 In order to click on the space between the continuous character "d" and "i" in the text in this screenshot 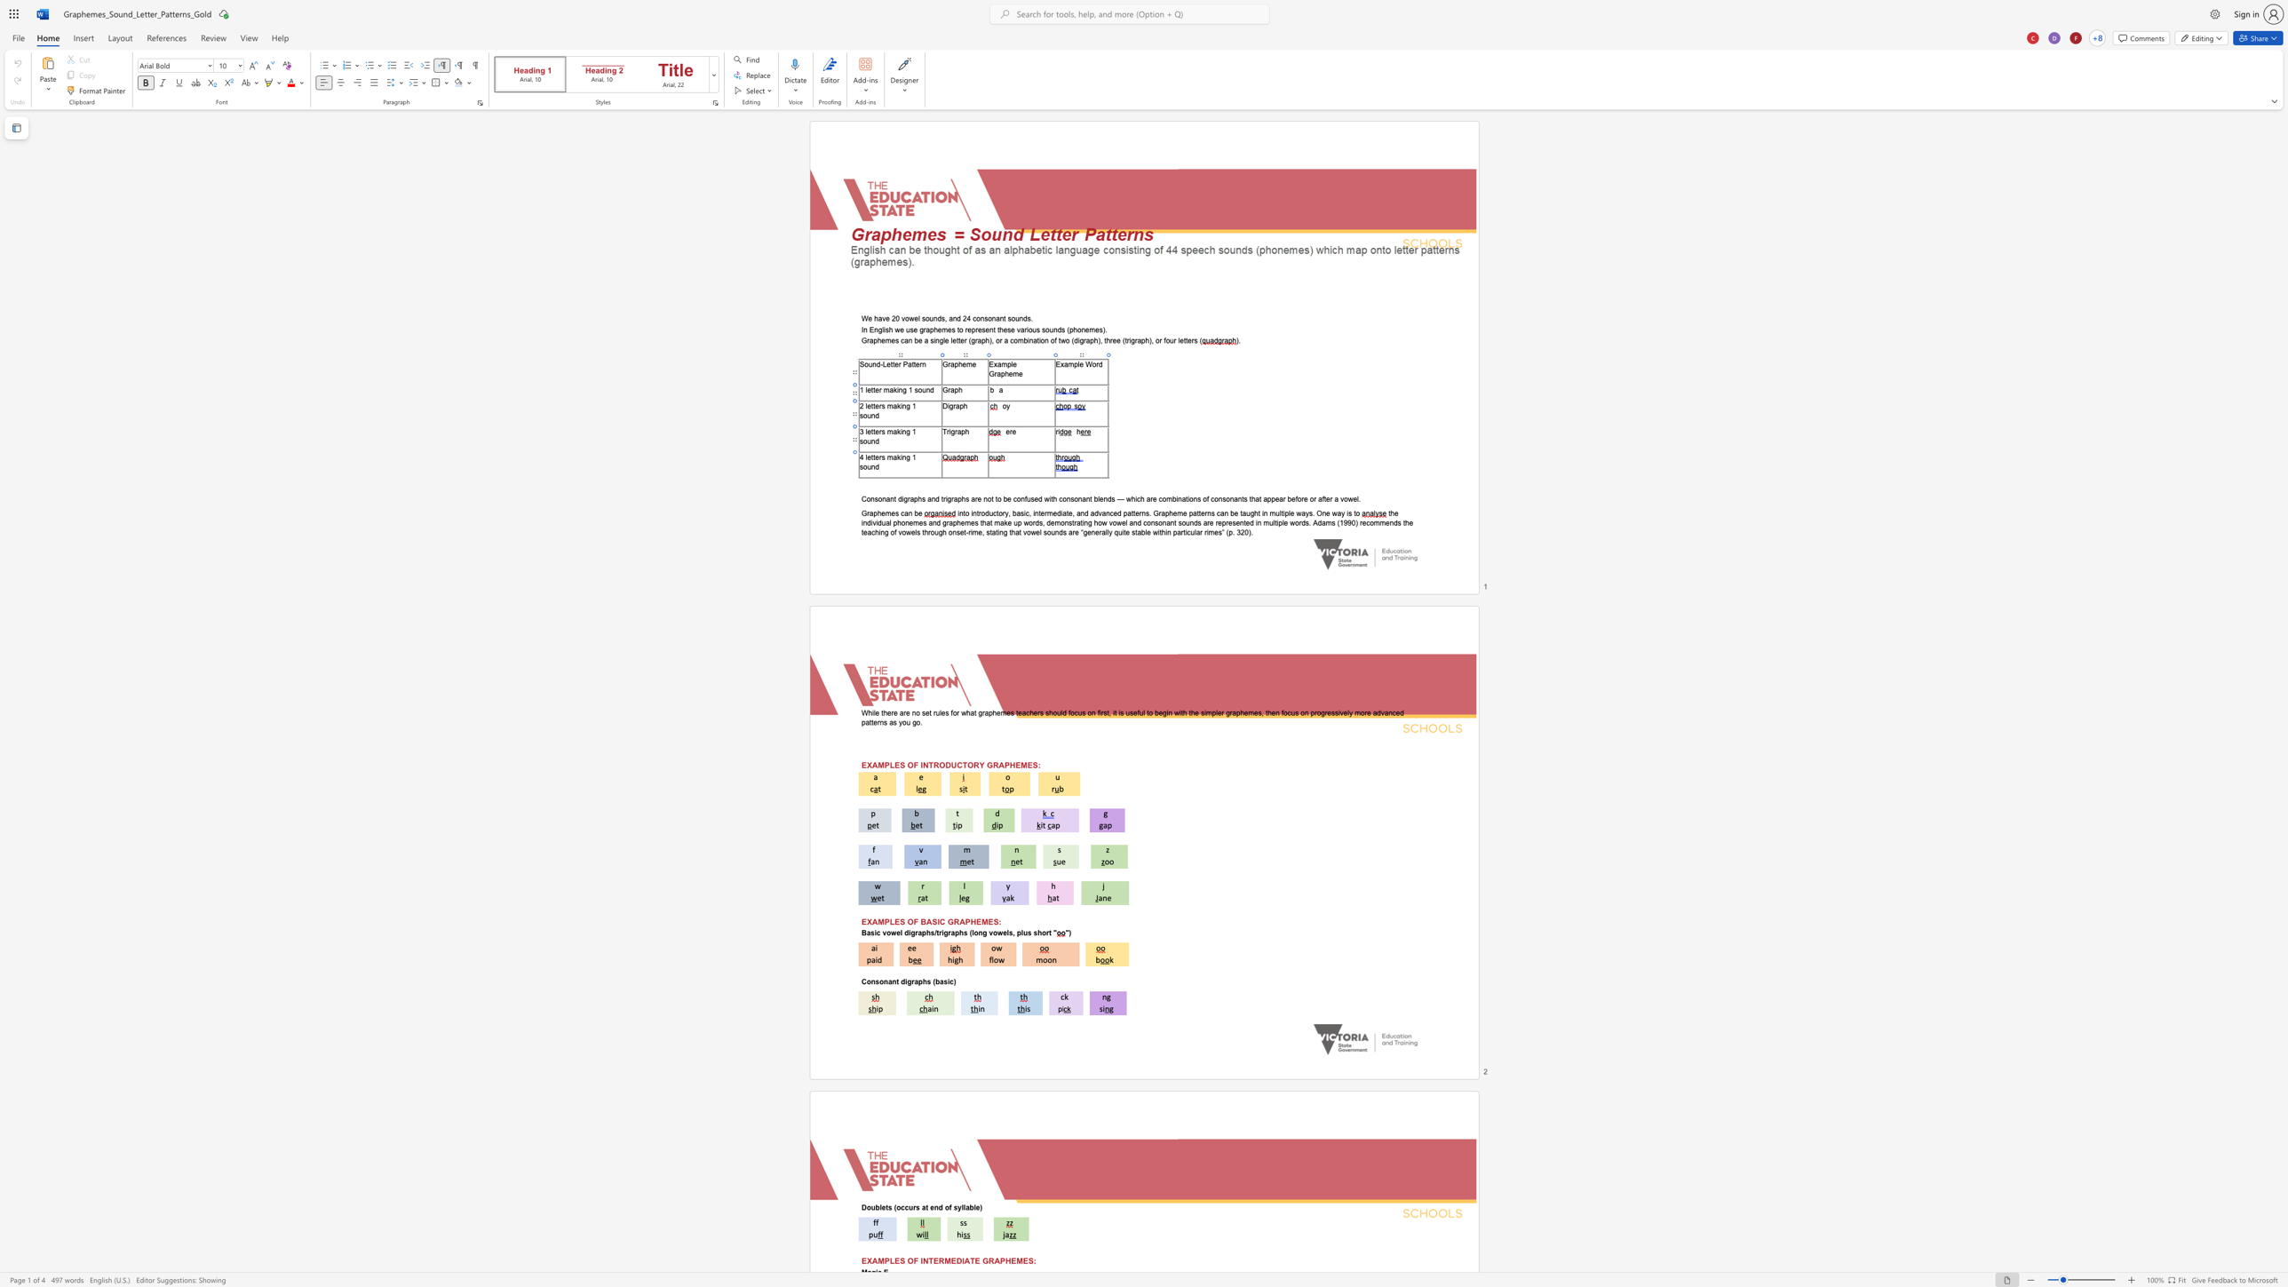, I will do `click(907, 933)`.